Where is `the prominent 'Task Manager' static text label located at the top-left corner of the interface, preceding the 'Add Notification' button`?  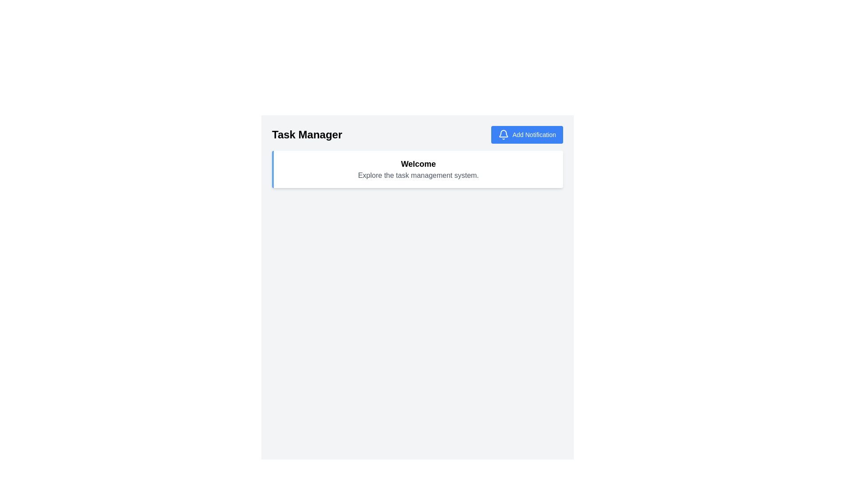 the prominent 'Task Manager' static text label located at the top-left corner of the interface, preceding the 'Add Notification' button is located at coordinates (307, 135).